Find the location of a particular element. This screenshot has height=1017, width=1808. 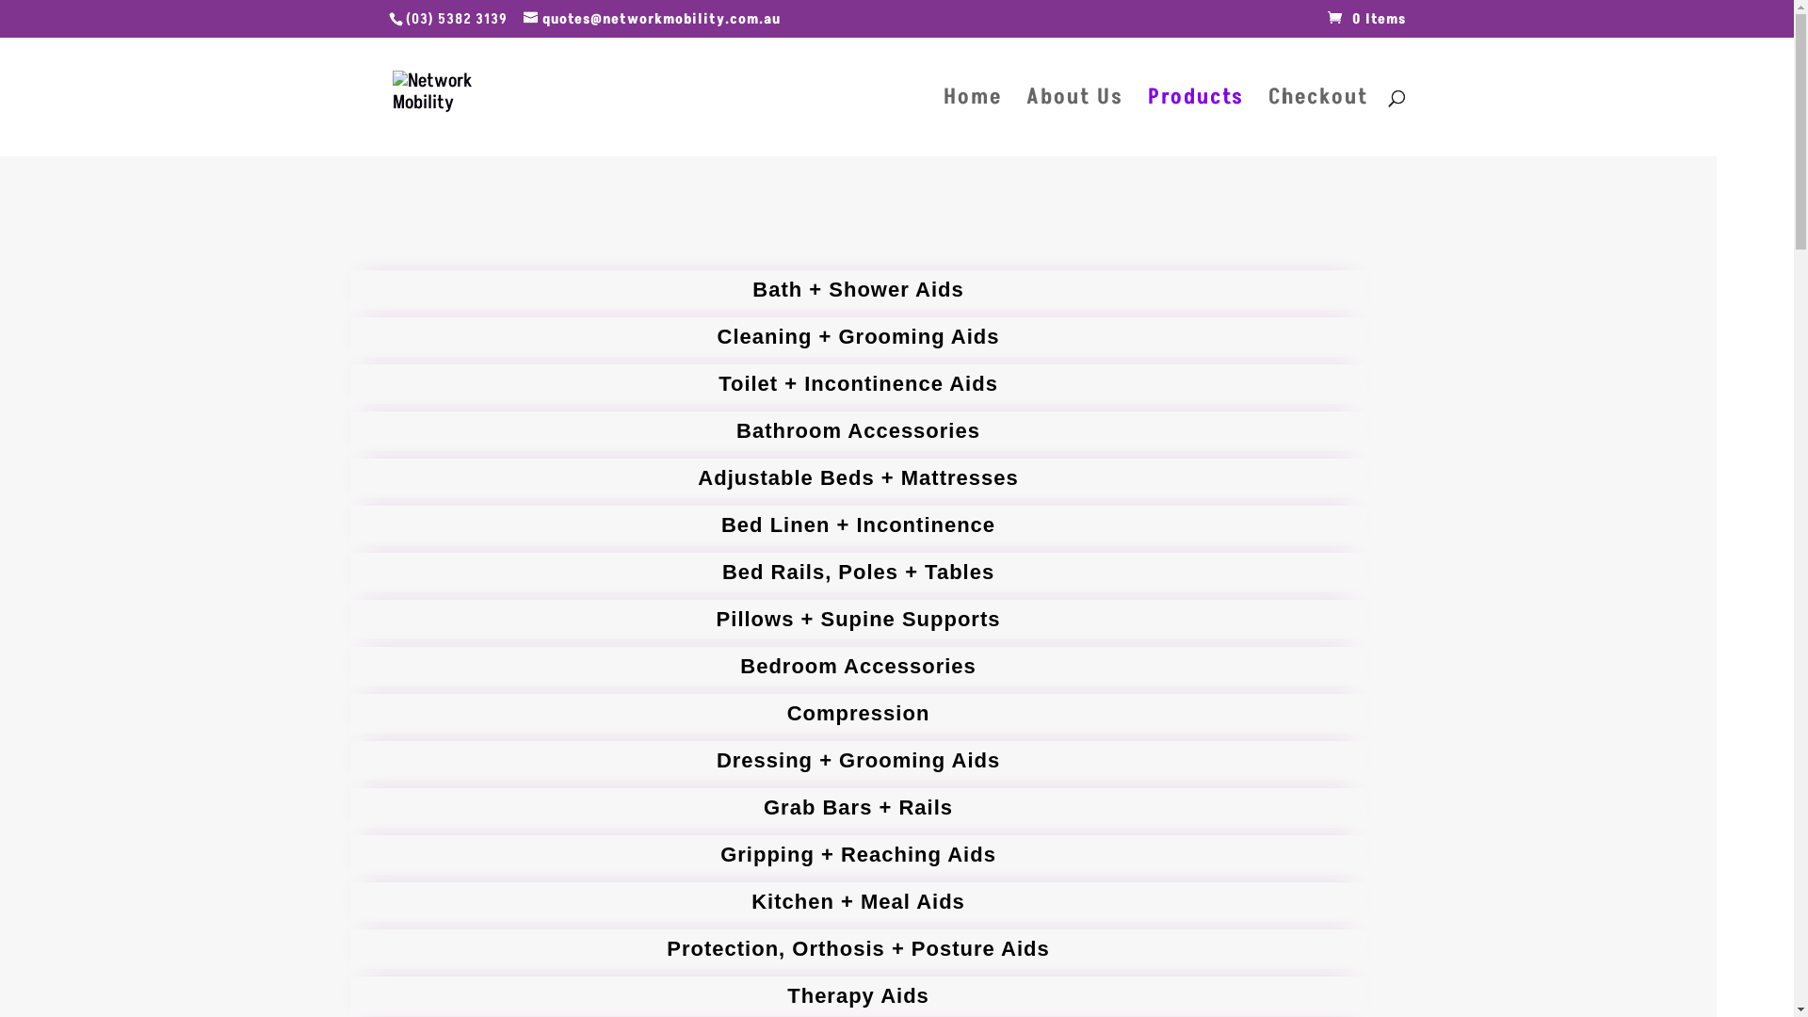

'Adjustable Beds + Mattresses' is located at coordinates (858, 477).